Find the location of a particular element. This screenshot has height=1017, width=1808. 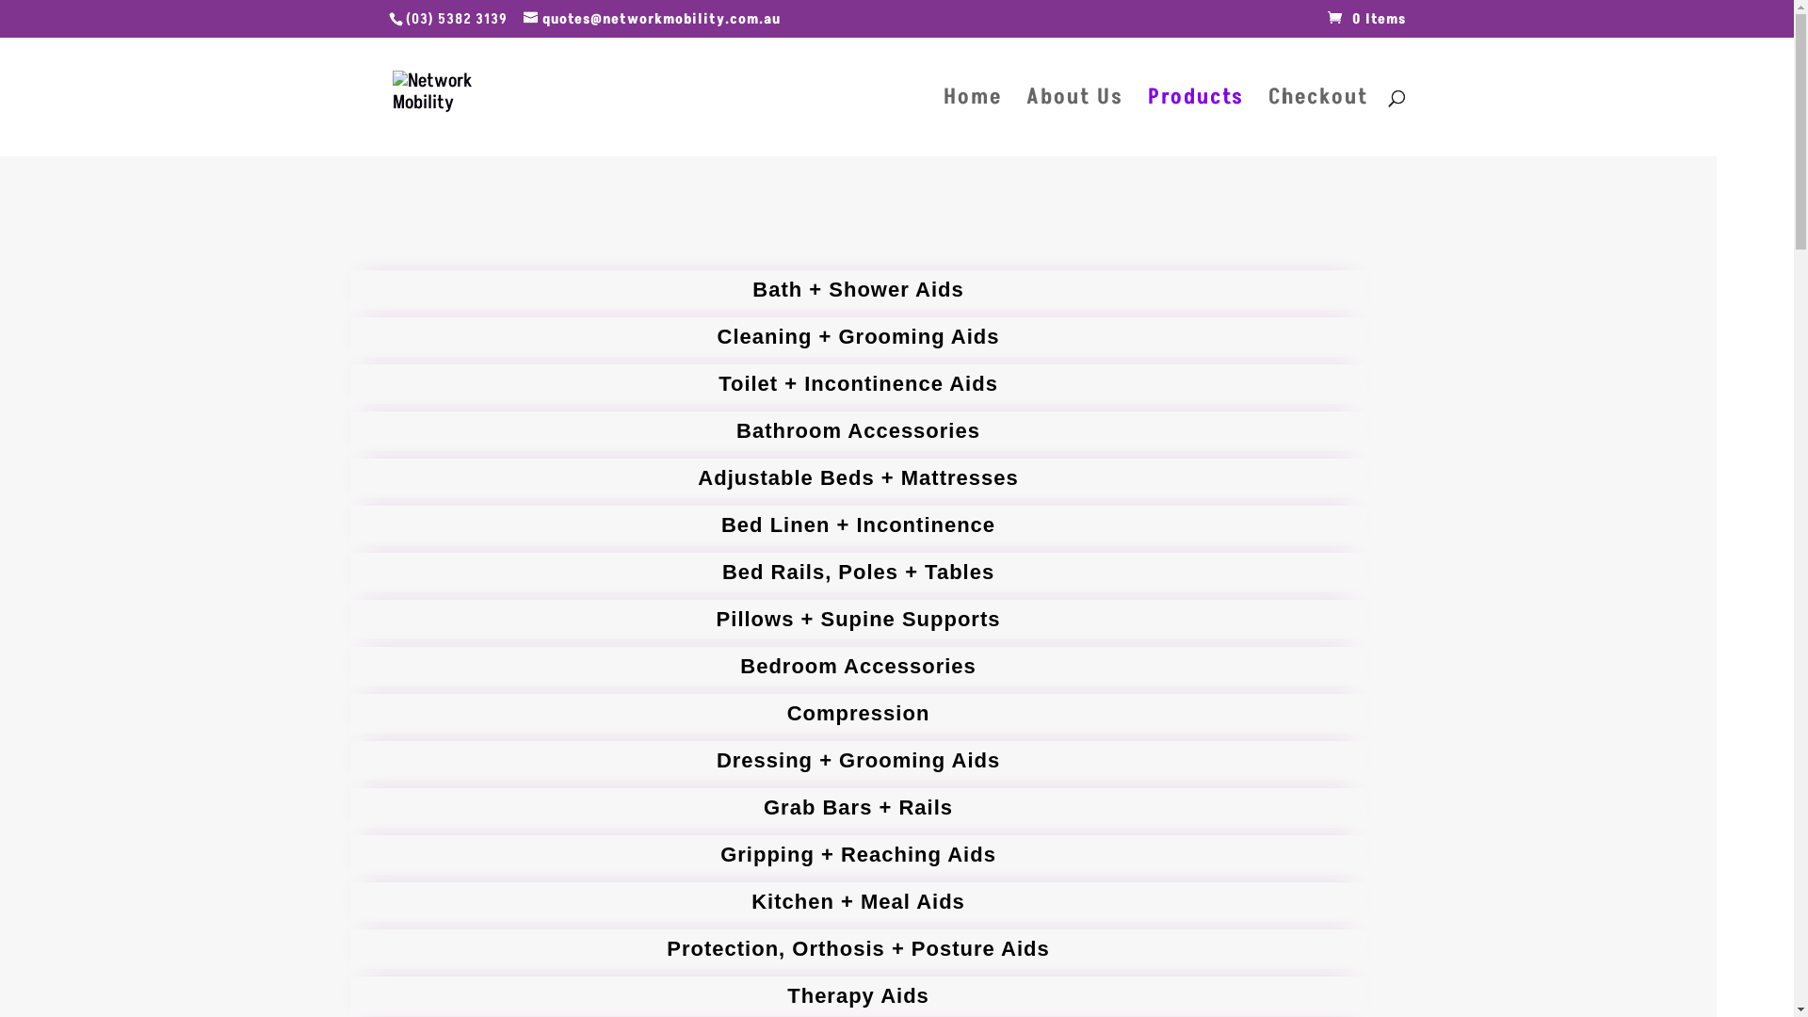

'Adjustable Beds + Mattresses' is located at coordinates (858, 477).